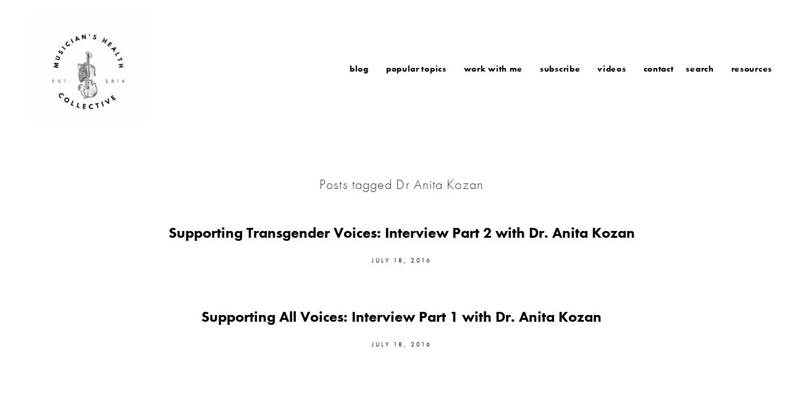 This screenshot has height=394, width=803. Describe the element at coordinates (385, 67) in the screenshot. I see `'Popular Topics'` at that location.